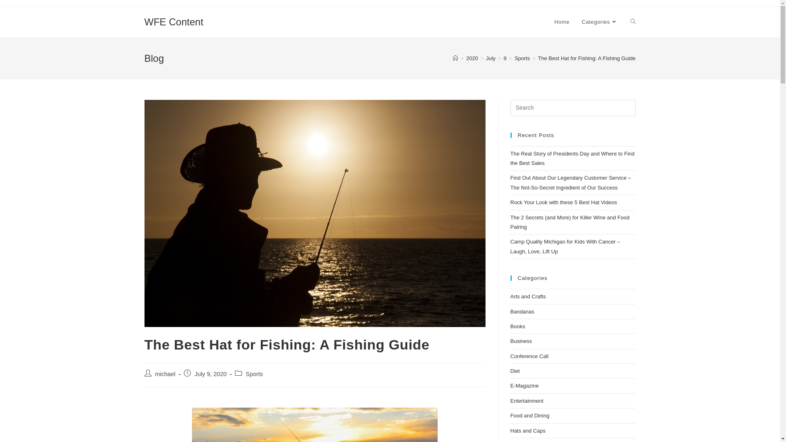  I want to click on 'WFE Content', so click(173, 21).